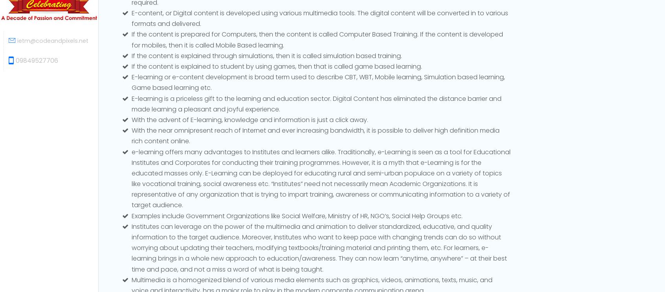 This screenshot has height=292, width=665. Describe the element at coordinates (319, 247) in the screenshot. I see `'Institutes can leverage on the power of the multimedia and animation to deliver standardized, educative, and quality information to the target audience. Moreover, Institutes who want to keep pace with changing trends can do so without worrying about updating their teachers, modifying textbooks/training material and printing them, etc. For learners, e-learning brings in a whole new approach to education/awareness. They can now learn “anytime, anywhere” – at their best time and pace, and not a miss a word of what is being taught.'` at that location.